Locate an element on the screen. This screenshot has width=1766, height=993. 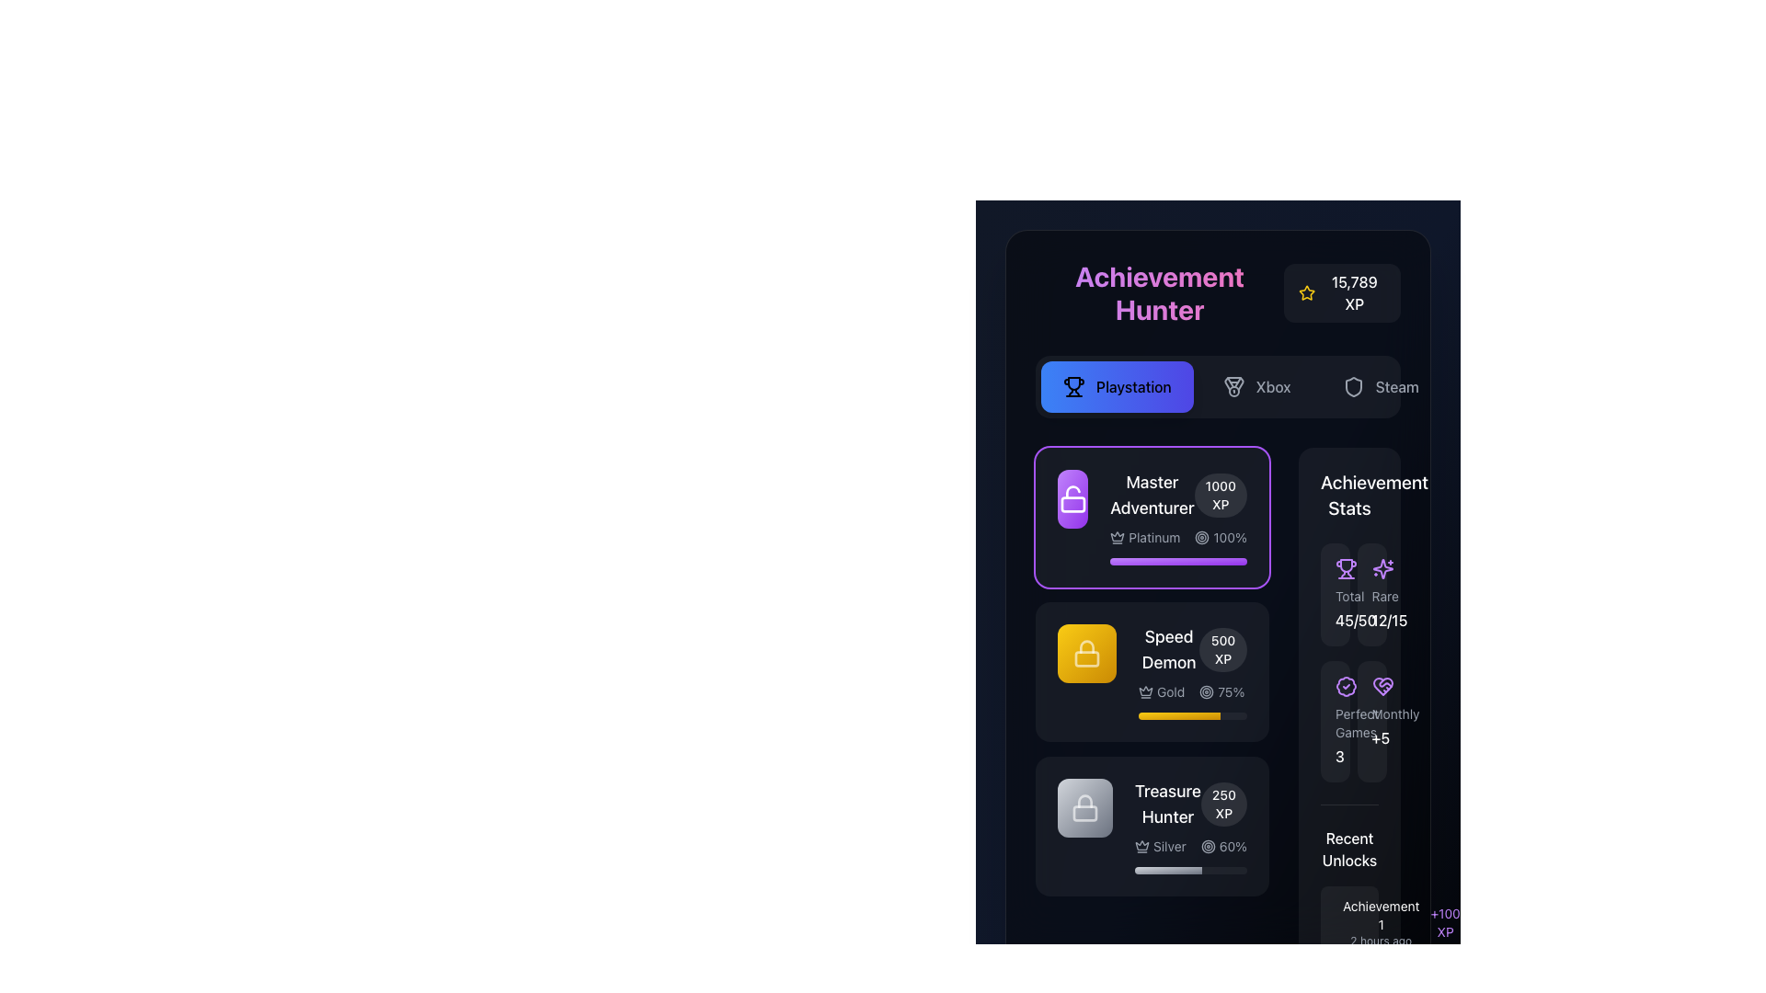
the segmented control for selecting gaming platforms (PlayStation, Xbox, Steam) located below the 'Achievement Hunter' header is located at coordinates (1218, 385).